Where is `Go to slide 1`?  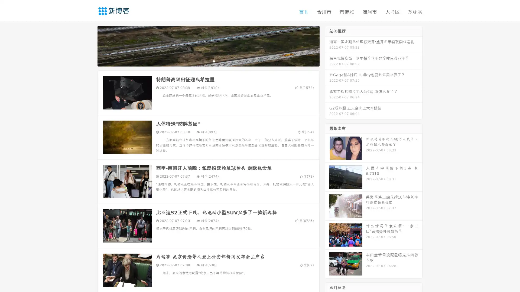 Go to slide 1 is located at coordinates (203, 61).